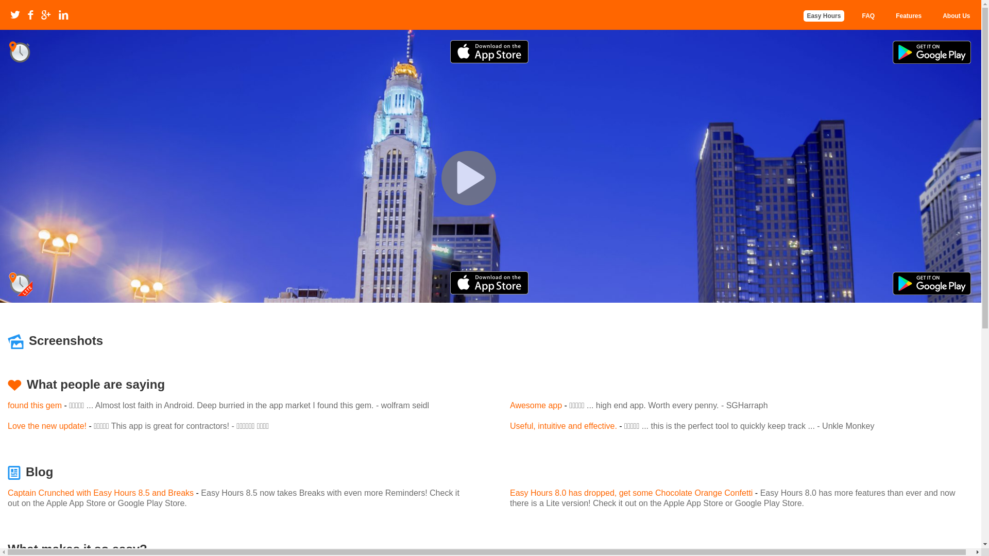 Image resolution: width=989 pixels, height=556 pixels. Describe the element at coordinates (536, 405) in the screenshot. I see `'Awesome app'` at that location.